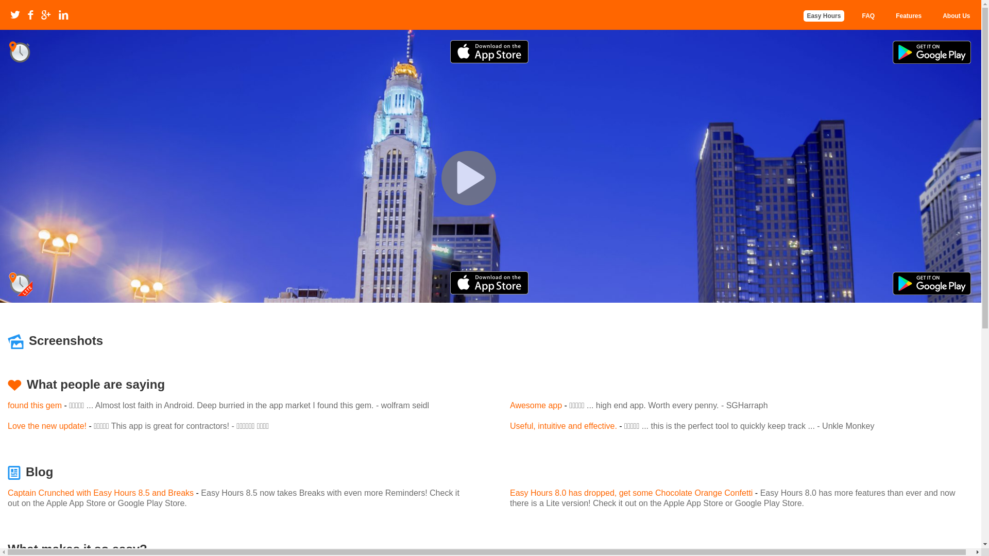 Image resolution: width=989 pixels, height=556 pixels. Describe the element at coordinates (536, 405) in the screenshot. I see `'Awesome app'` at that location.